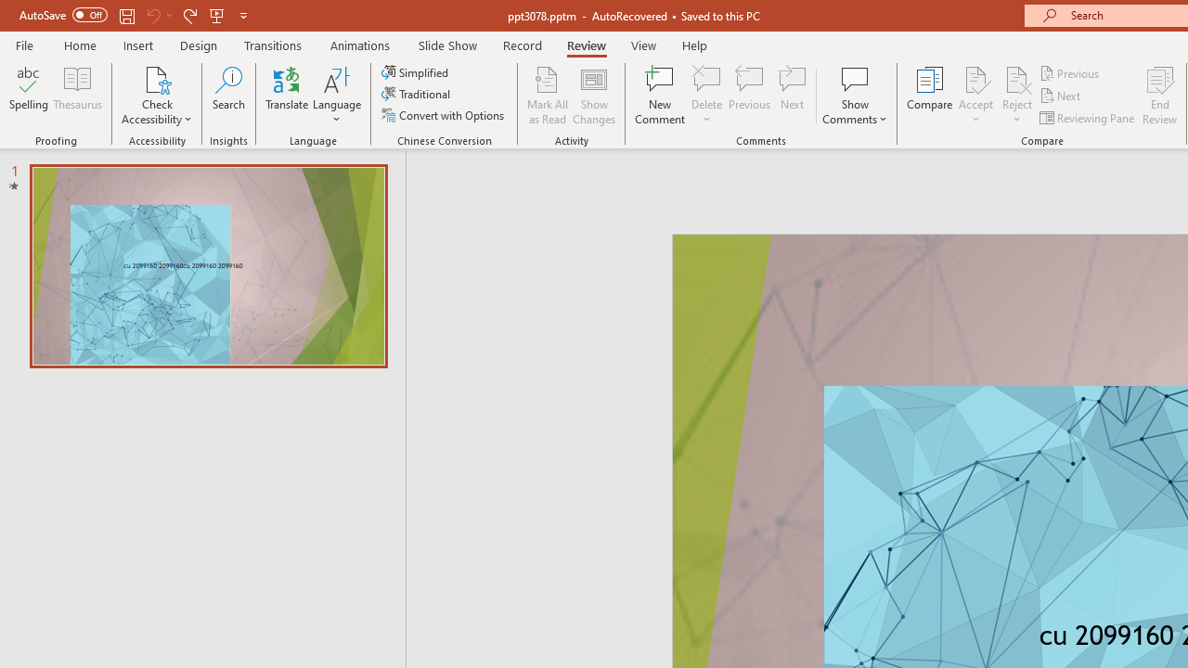  Describe the element at coordinates (1158, 96) in the screenshot. I see `'End Review'` at that location.